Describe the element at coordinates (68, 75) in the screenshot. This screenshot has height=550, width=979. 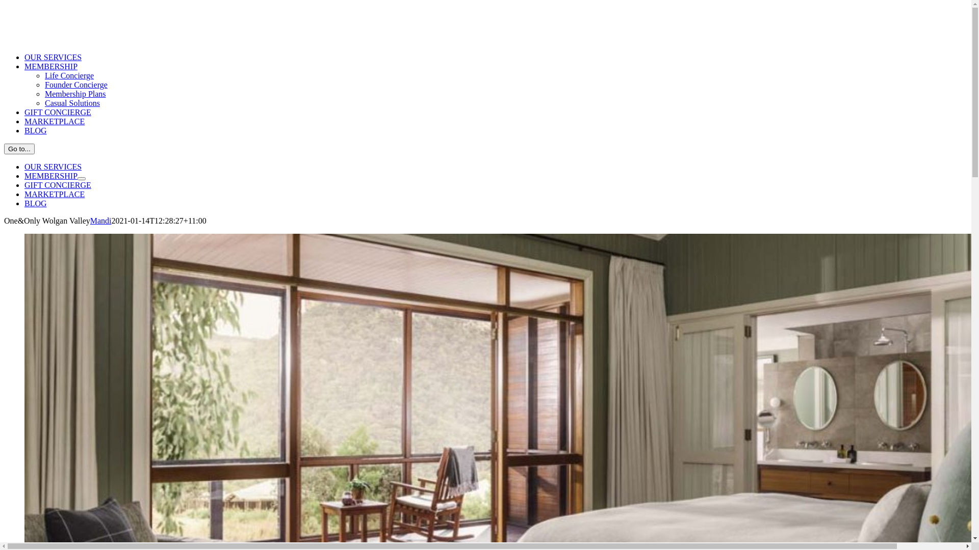
I see `'Life Concierge'` at that location.